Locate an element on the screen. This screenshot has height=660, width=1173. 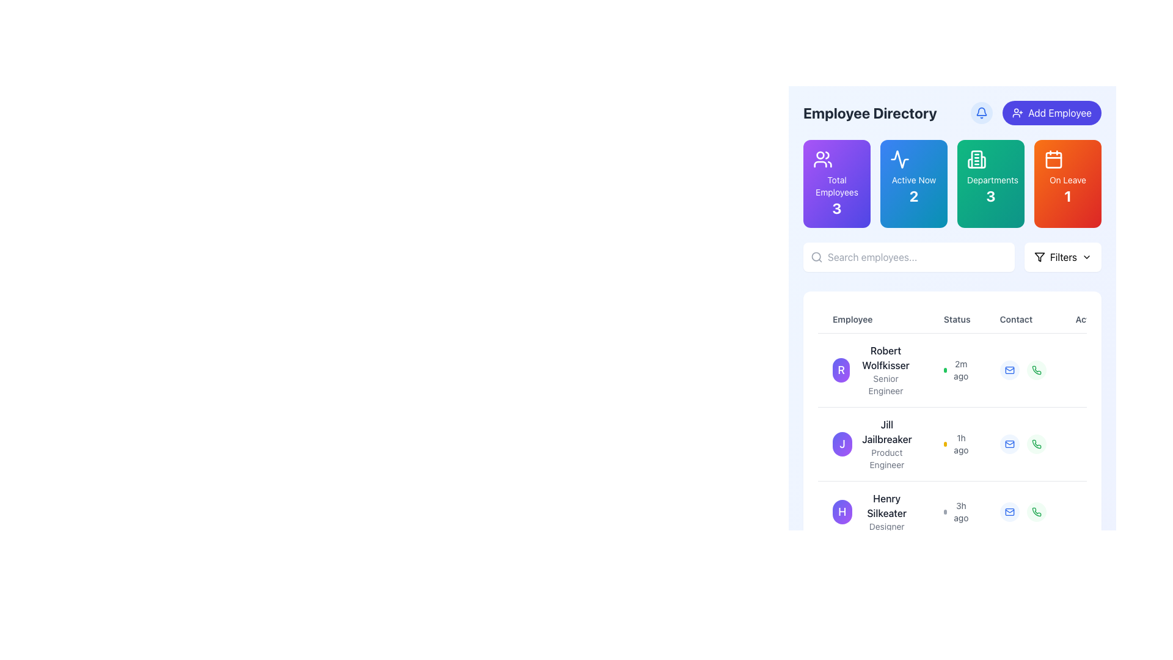
the 'Status' label which is a bold text label located in the header row above a table, positioned between 'Employee' and 'Contact' is located at coordinates (956, 319).